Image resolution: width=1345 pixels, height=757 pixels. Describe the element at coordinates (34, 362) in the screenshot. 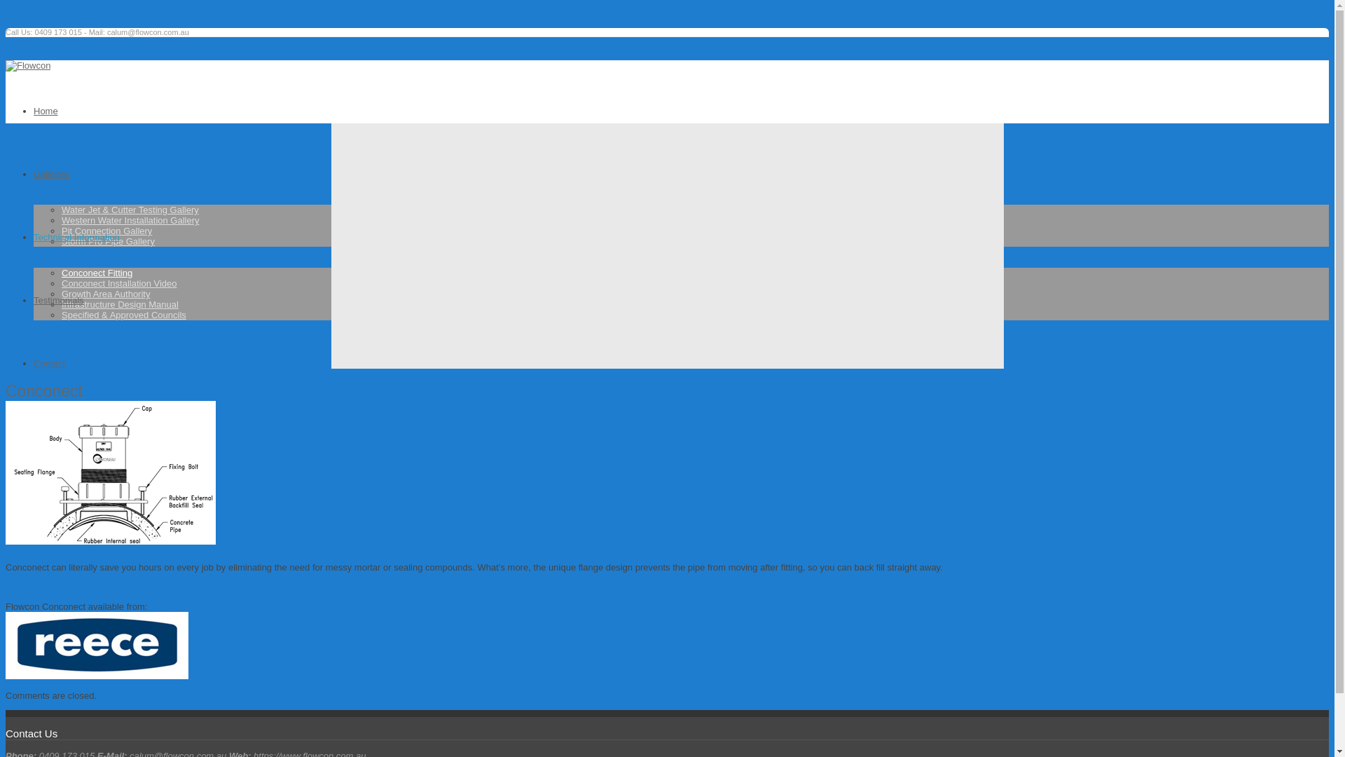

I see `'Contact'` at that location.